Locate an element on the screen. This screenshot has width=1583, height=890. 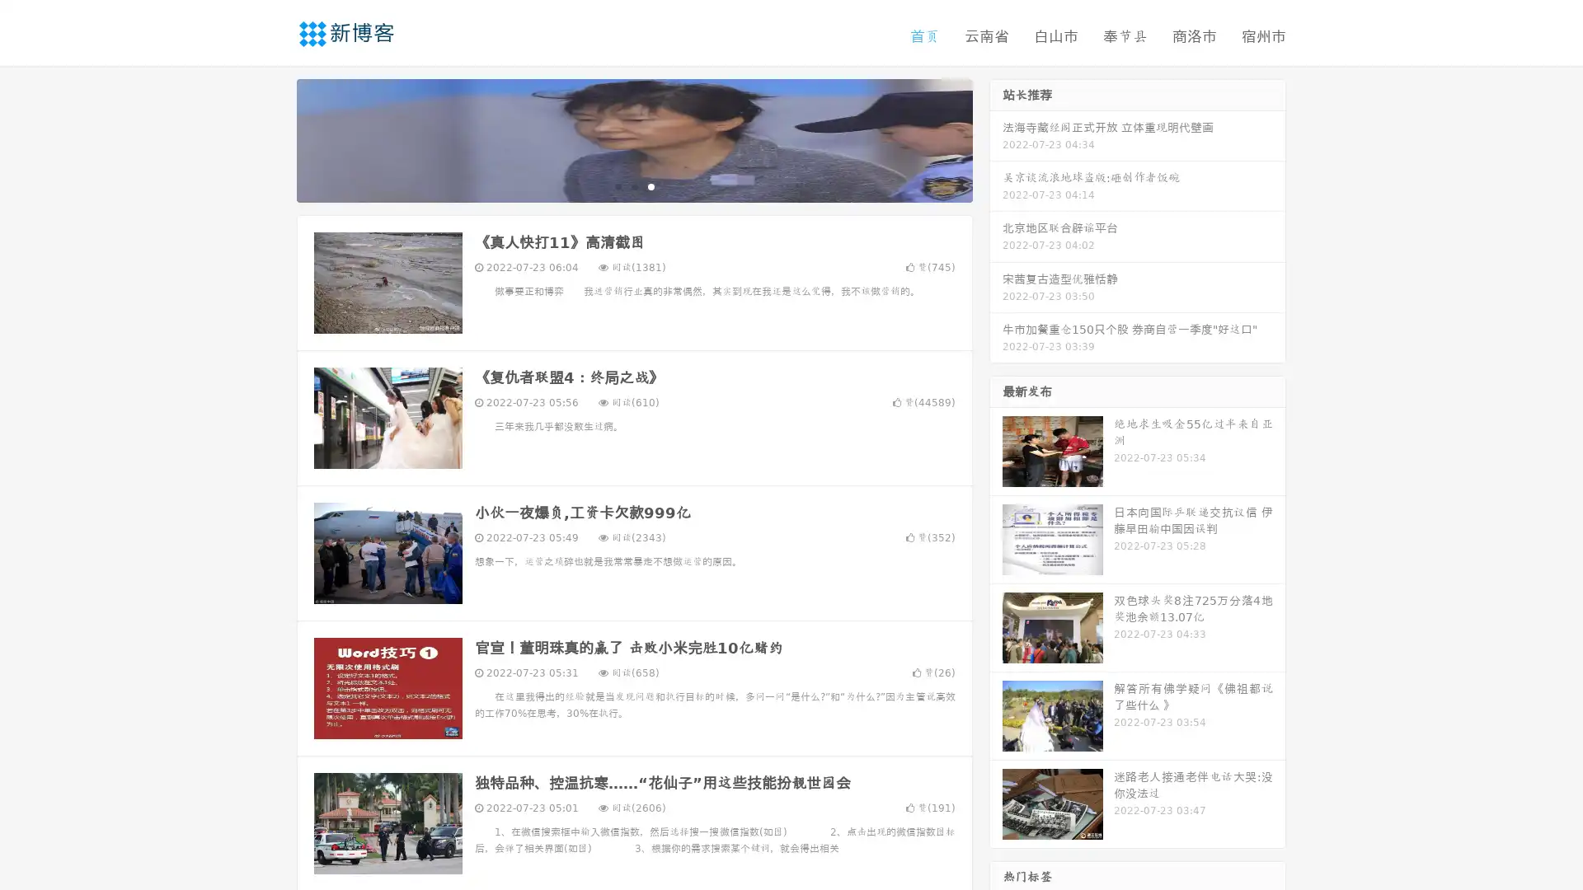
Go to slide 2 is located at coordinates (633, 185).